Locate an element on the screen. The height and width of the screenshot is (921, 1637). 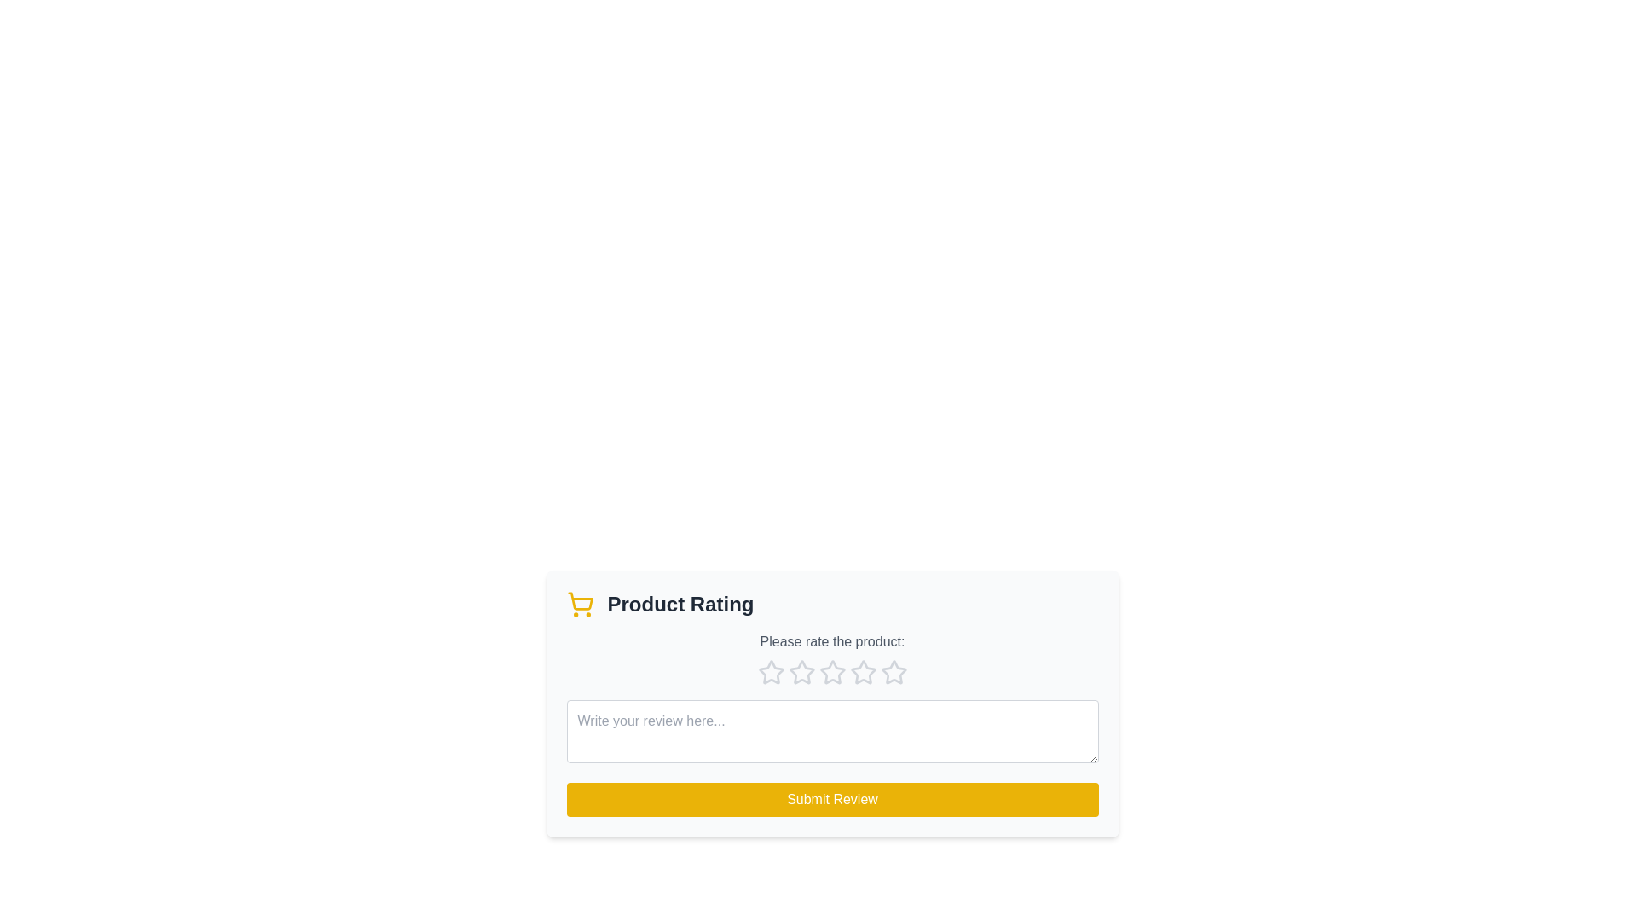
the bold, large text label that reads 'Product Rating', which is styled in dark gray and positioned to the right of a yellow shopping cart icon is located at coordinates (680, 604).